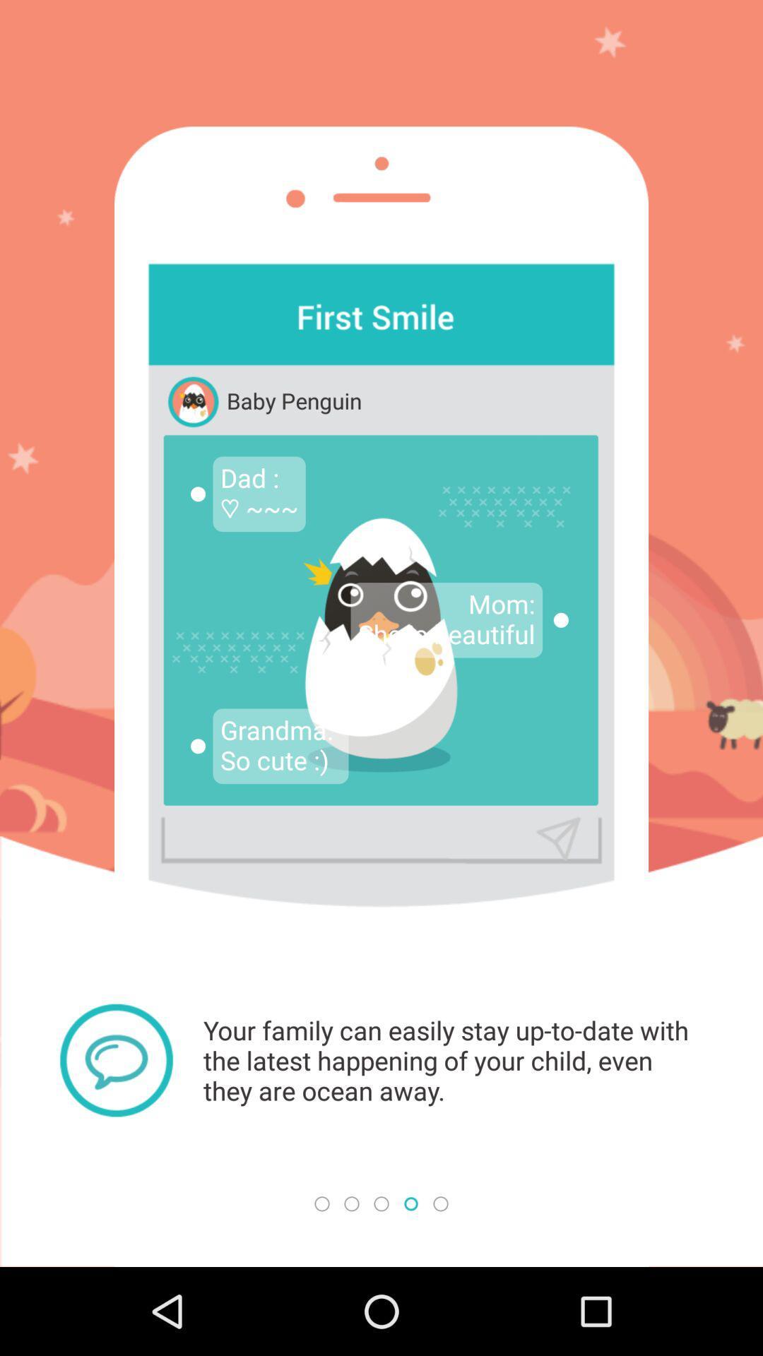 This screenshot has width=763, height=1356. What do you see at coordinates (557, 839) in the screenshot?
I see `send icon` at bounding box center [557, 839].